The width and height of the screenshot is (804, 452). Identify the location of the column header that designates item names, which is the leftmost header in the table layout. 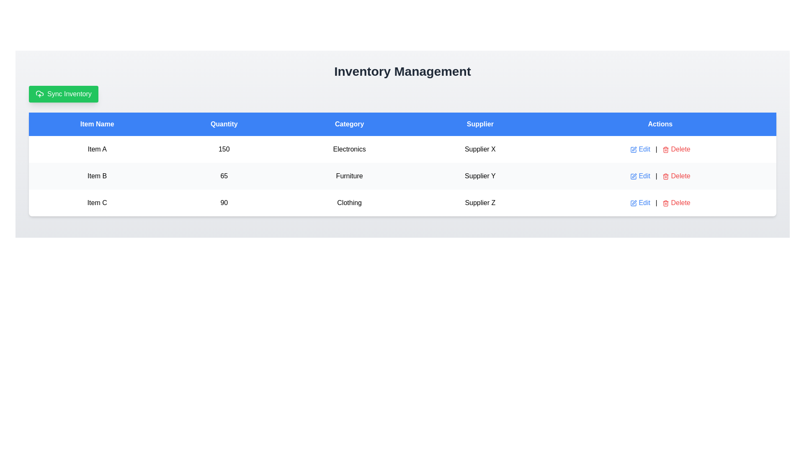
(97, 124).